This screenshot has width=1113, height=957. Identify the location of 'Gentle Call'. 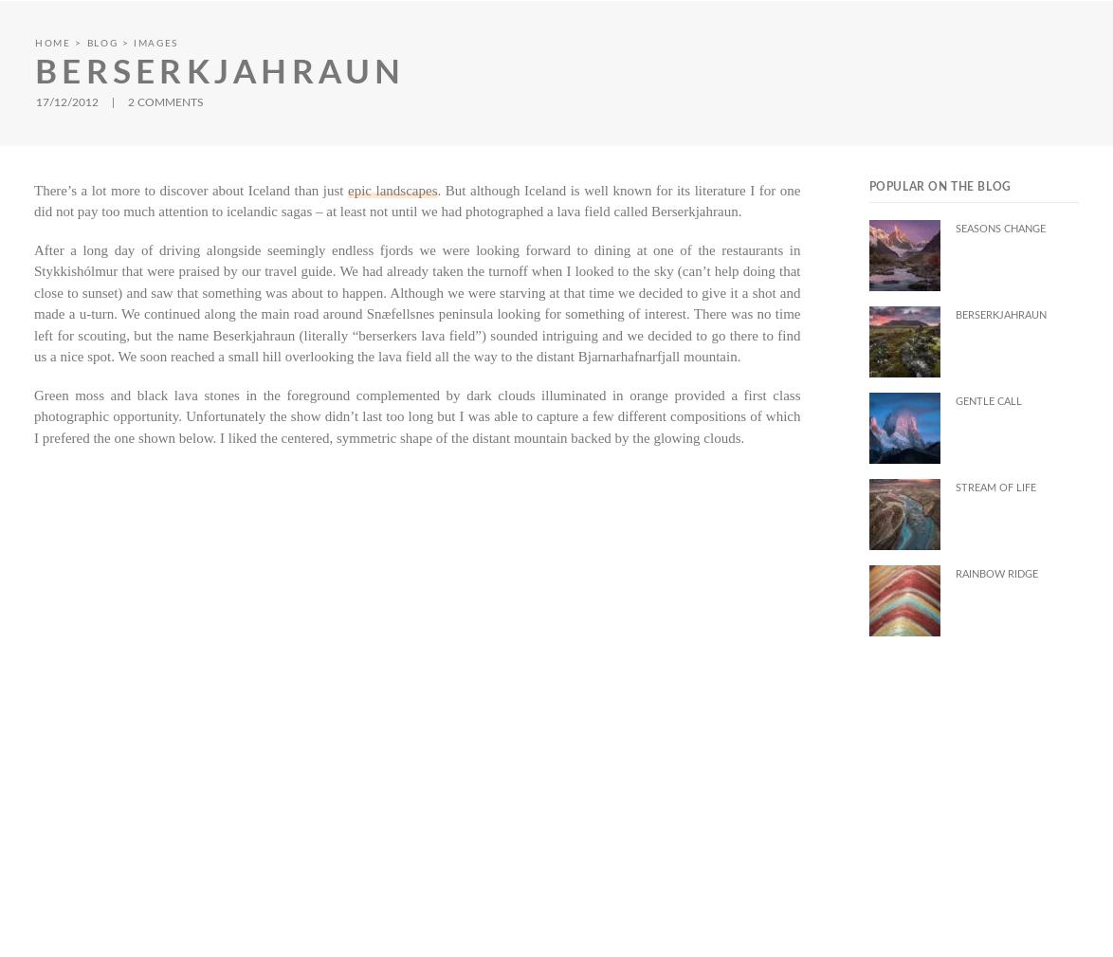
(987, 400).